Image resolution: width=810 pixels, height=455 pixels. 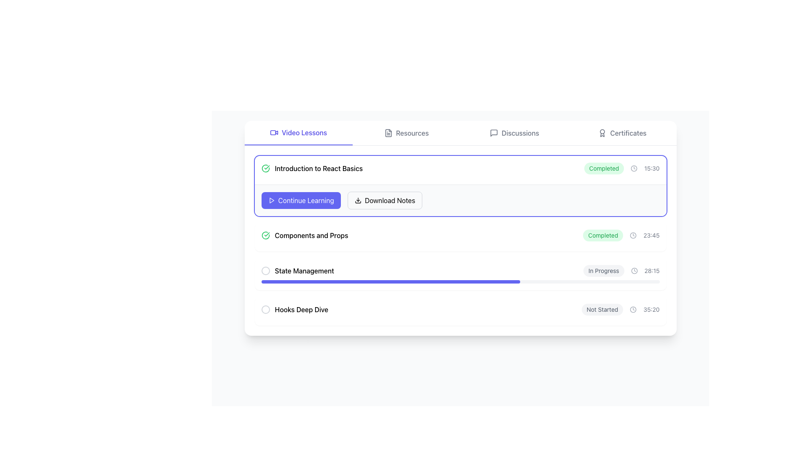 I want to click on the small clock icon with a light gray stroke located in the 'Not Started' row, which is the bottom-most entry of the vertical list, so click(x=633, y=310).